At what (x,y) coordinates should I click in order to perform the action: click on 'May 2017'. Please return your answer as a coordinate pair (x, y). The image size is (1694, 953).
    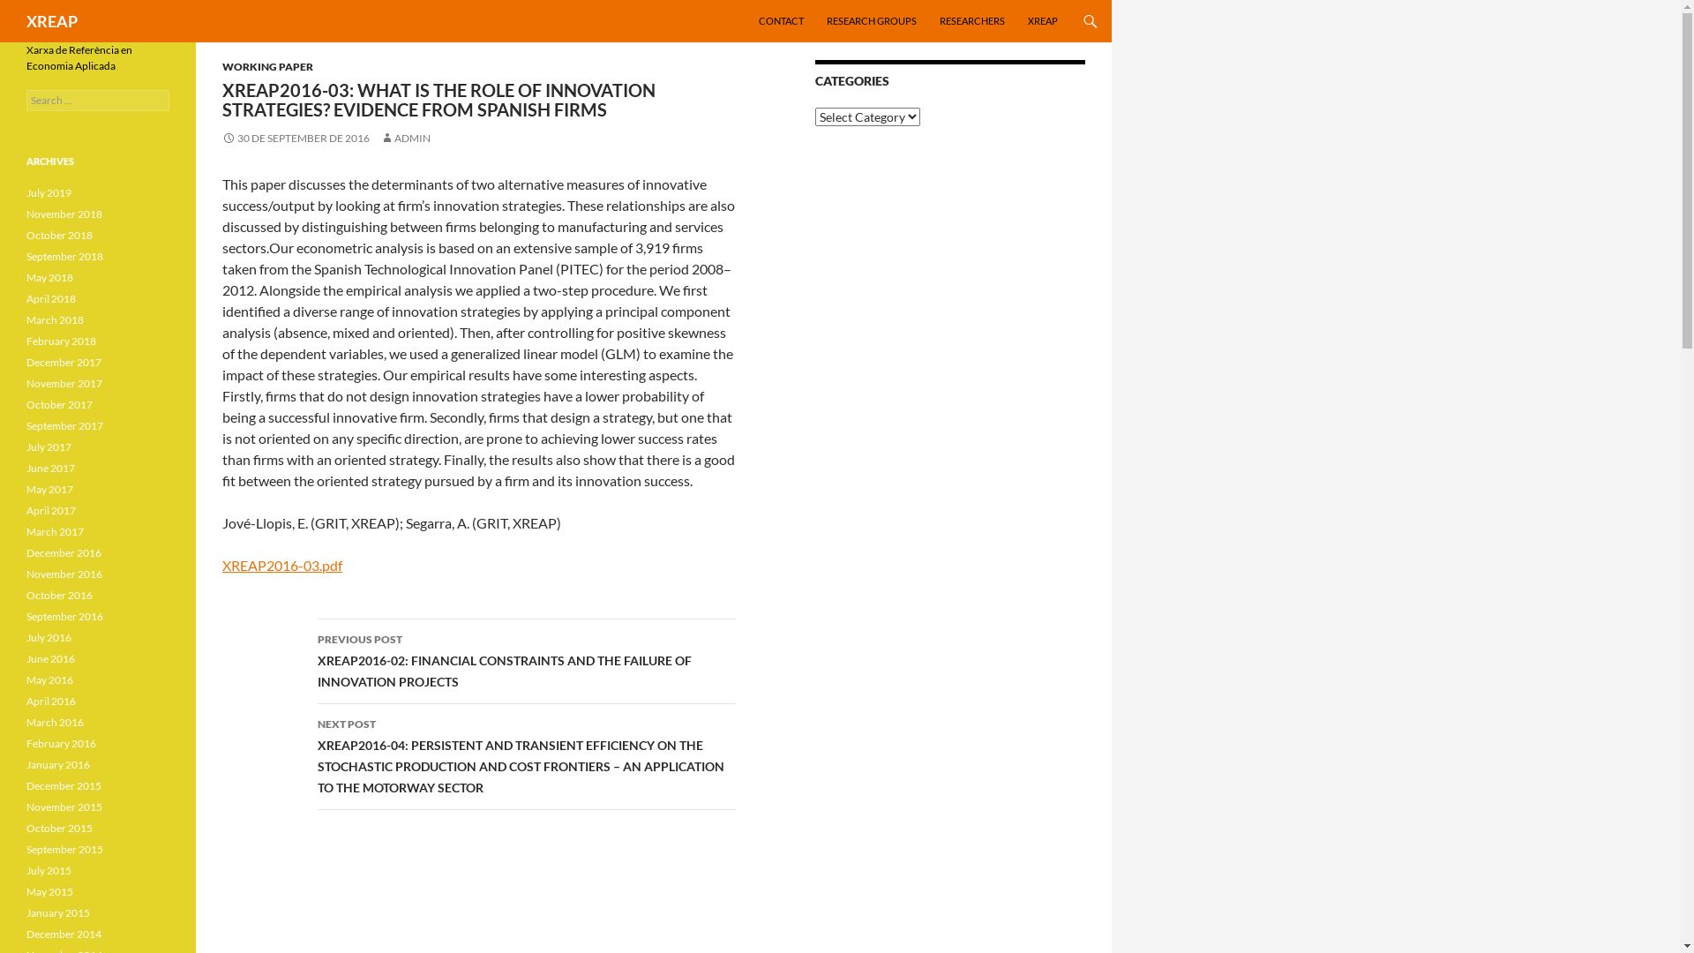
    Looking at the image, I should click on (49, 489).